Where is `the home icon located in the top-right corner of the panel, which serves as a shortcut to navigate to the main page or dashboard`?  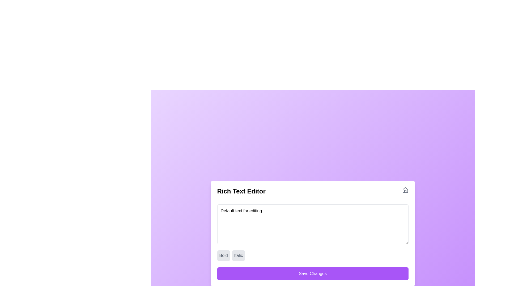 the home icon located in the top-right corner of the panel, which serves as a shortcut to navigate to the main page or dashboard is located at coordinates (405, 190).